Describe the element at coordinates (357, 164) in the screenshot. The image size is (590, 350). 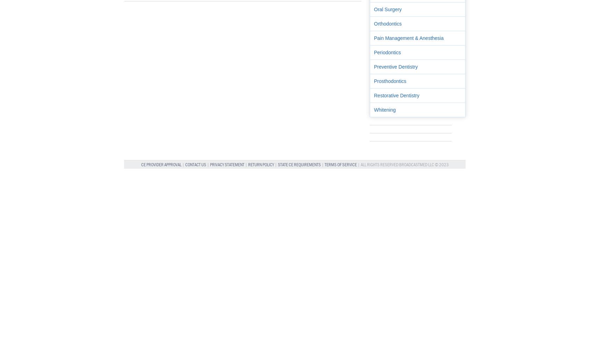
I see `'| ALL RIGHTS RESERVED BroadcastMed LLC © 2023'` at that location.